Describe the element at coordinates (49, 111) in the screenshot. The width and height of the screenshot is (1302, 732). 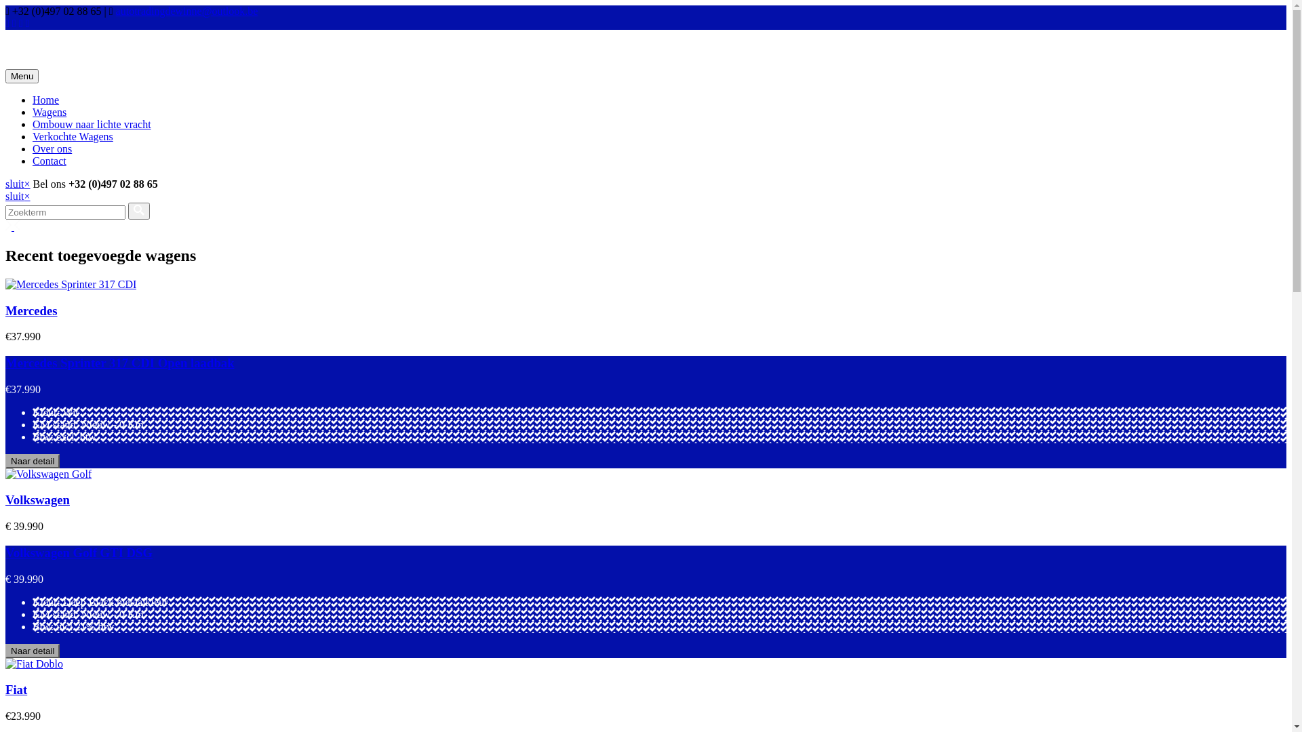
I see `'Wagens'` at that location.